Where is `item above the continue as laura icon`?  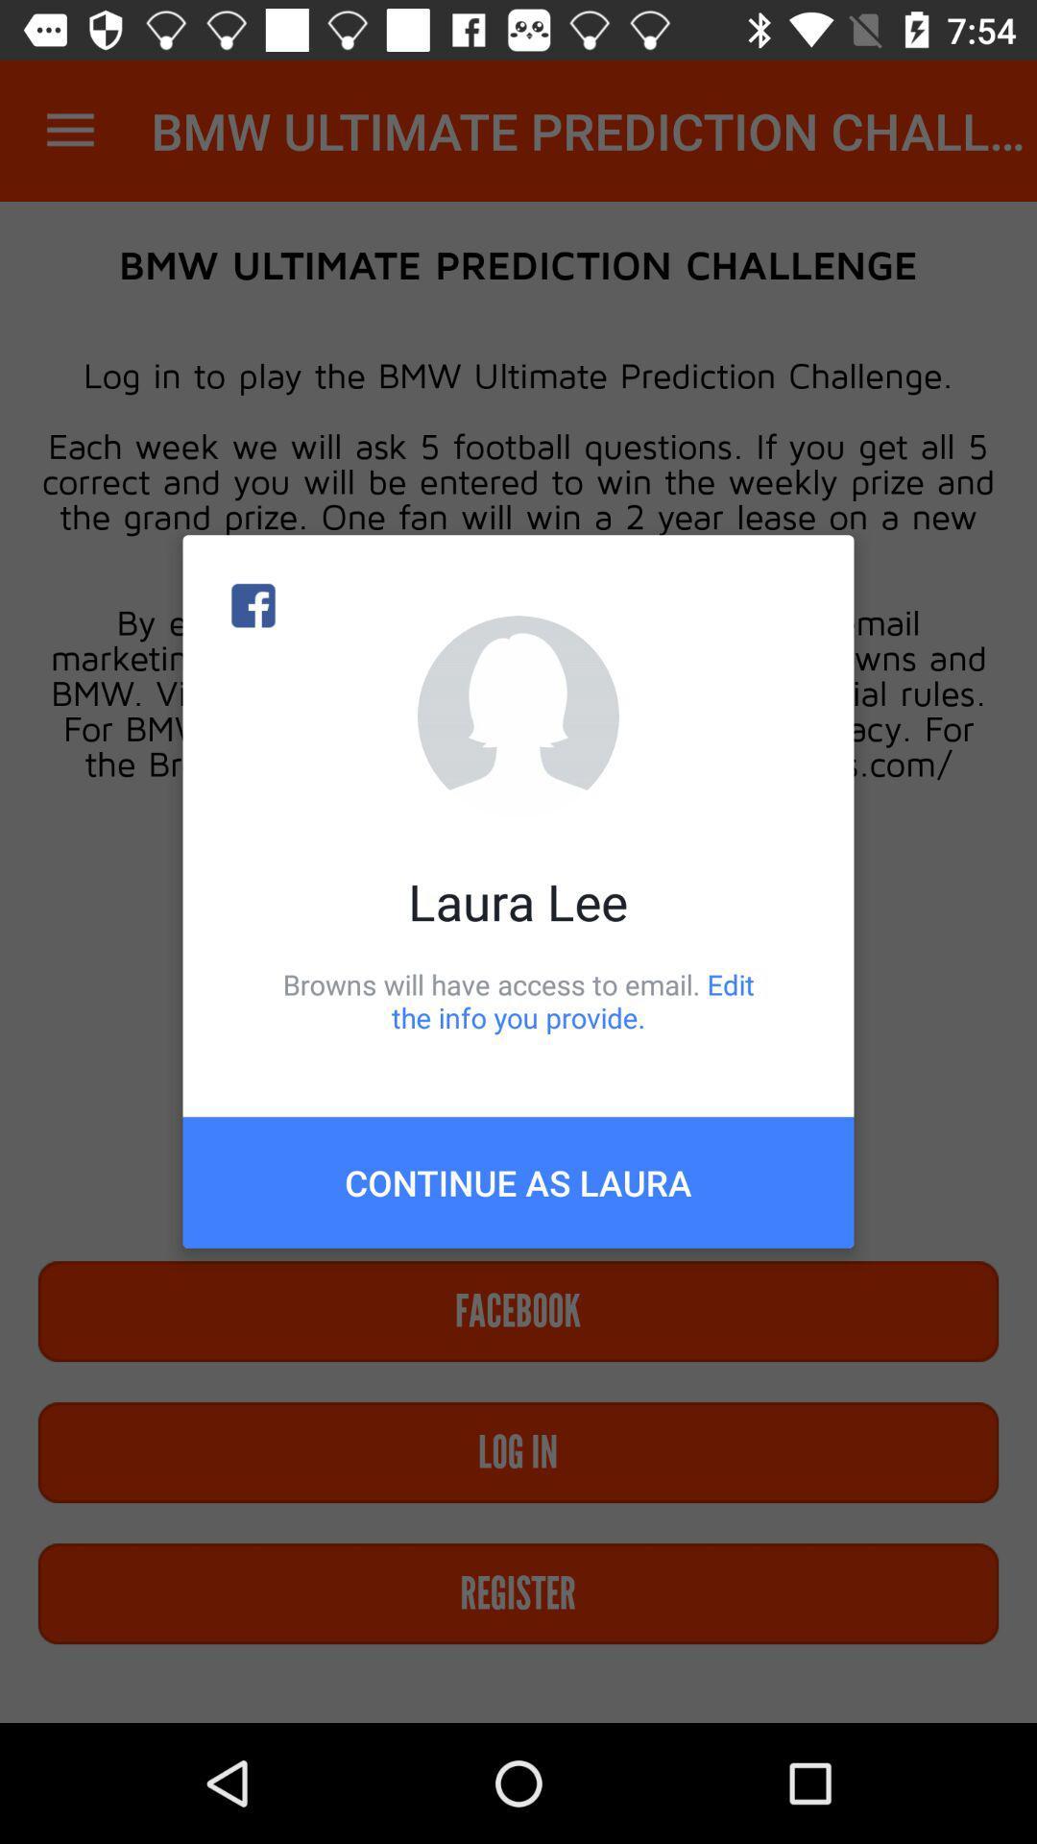
item above the continue as laura icon is located at coordinates (518, 1000).